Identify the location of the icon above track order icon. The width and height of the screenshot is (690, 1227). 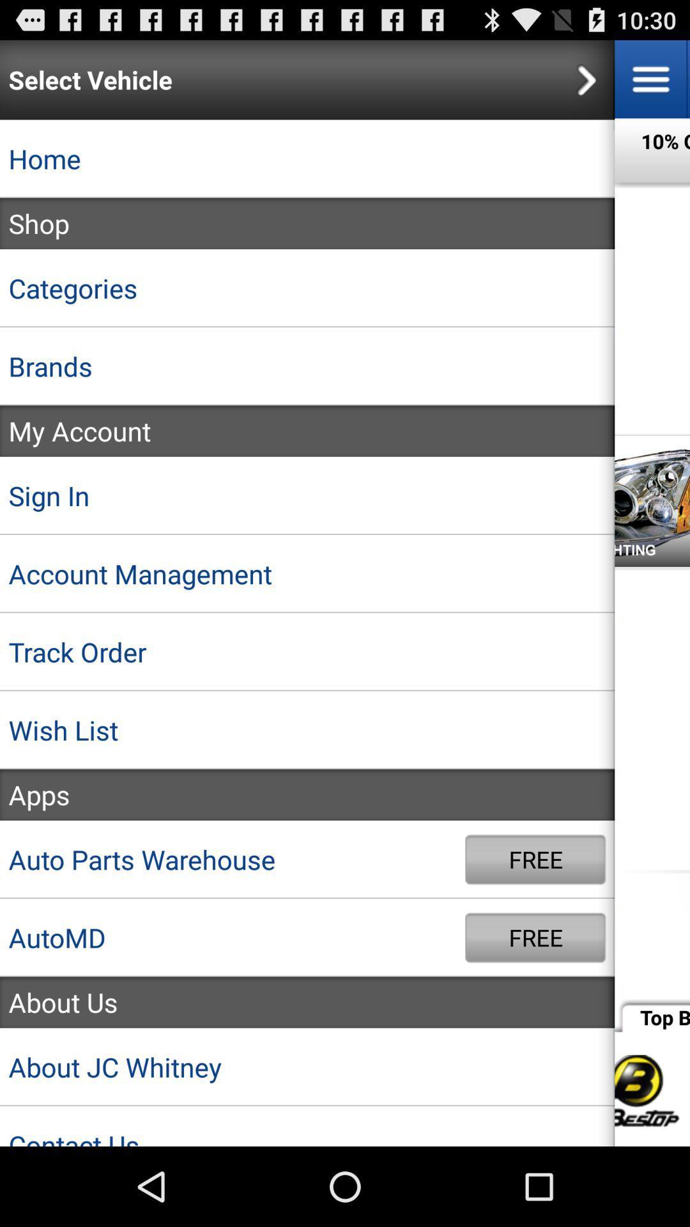
(307, 573).